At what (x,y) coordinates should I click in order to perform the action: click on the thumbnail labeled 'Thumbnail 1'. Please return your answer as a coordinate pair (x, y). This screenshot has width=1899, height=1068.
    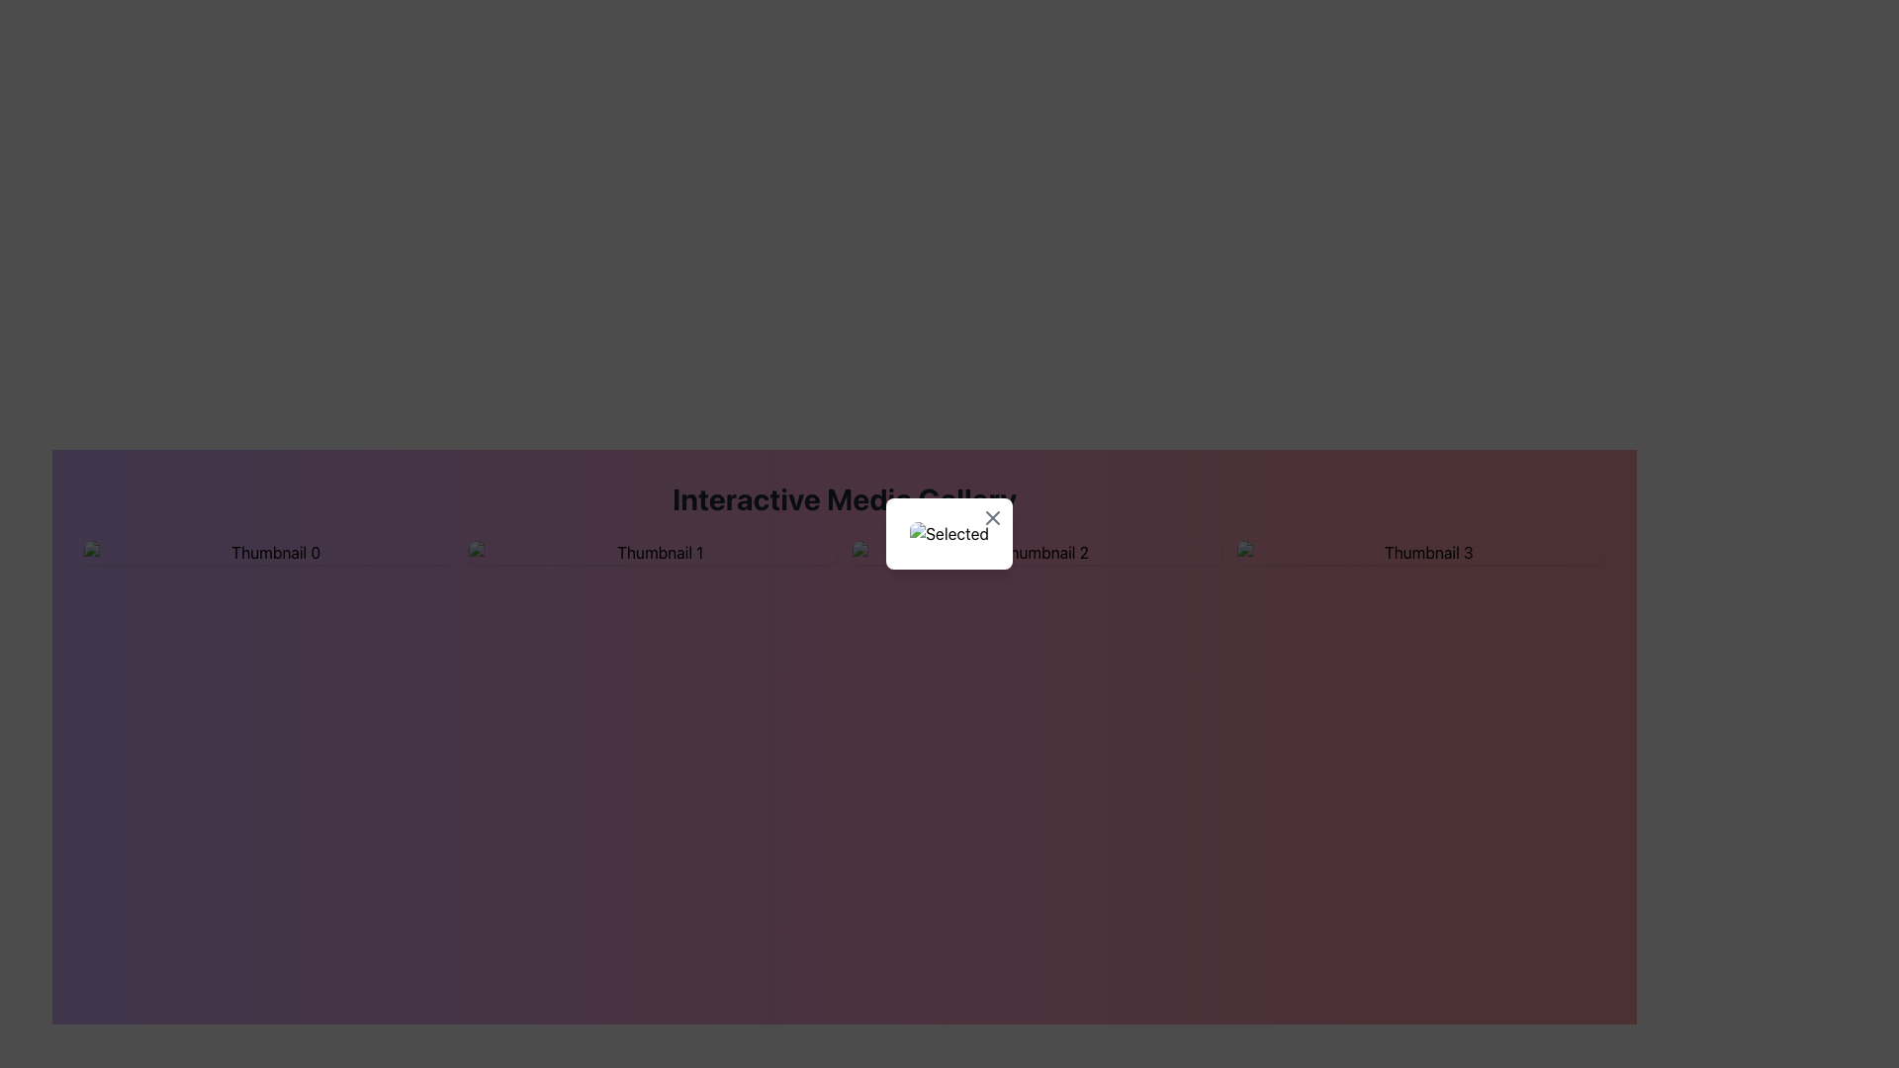
    Looking at the image, I should click on (652, 553).